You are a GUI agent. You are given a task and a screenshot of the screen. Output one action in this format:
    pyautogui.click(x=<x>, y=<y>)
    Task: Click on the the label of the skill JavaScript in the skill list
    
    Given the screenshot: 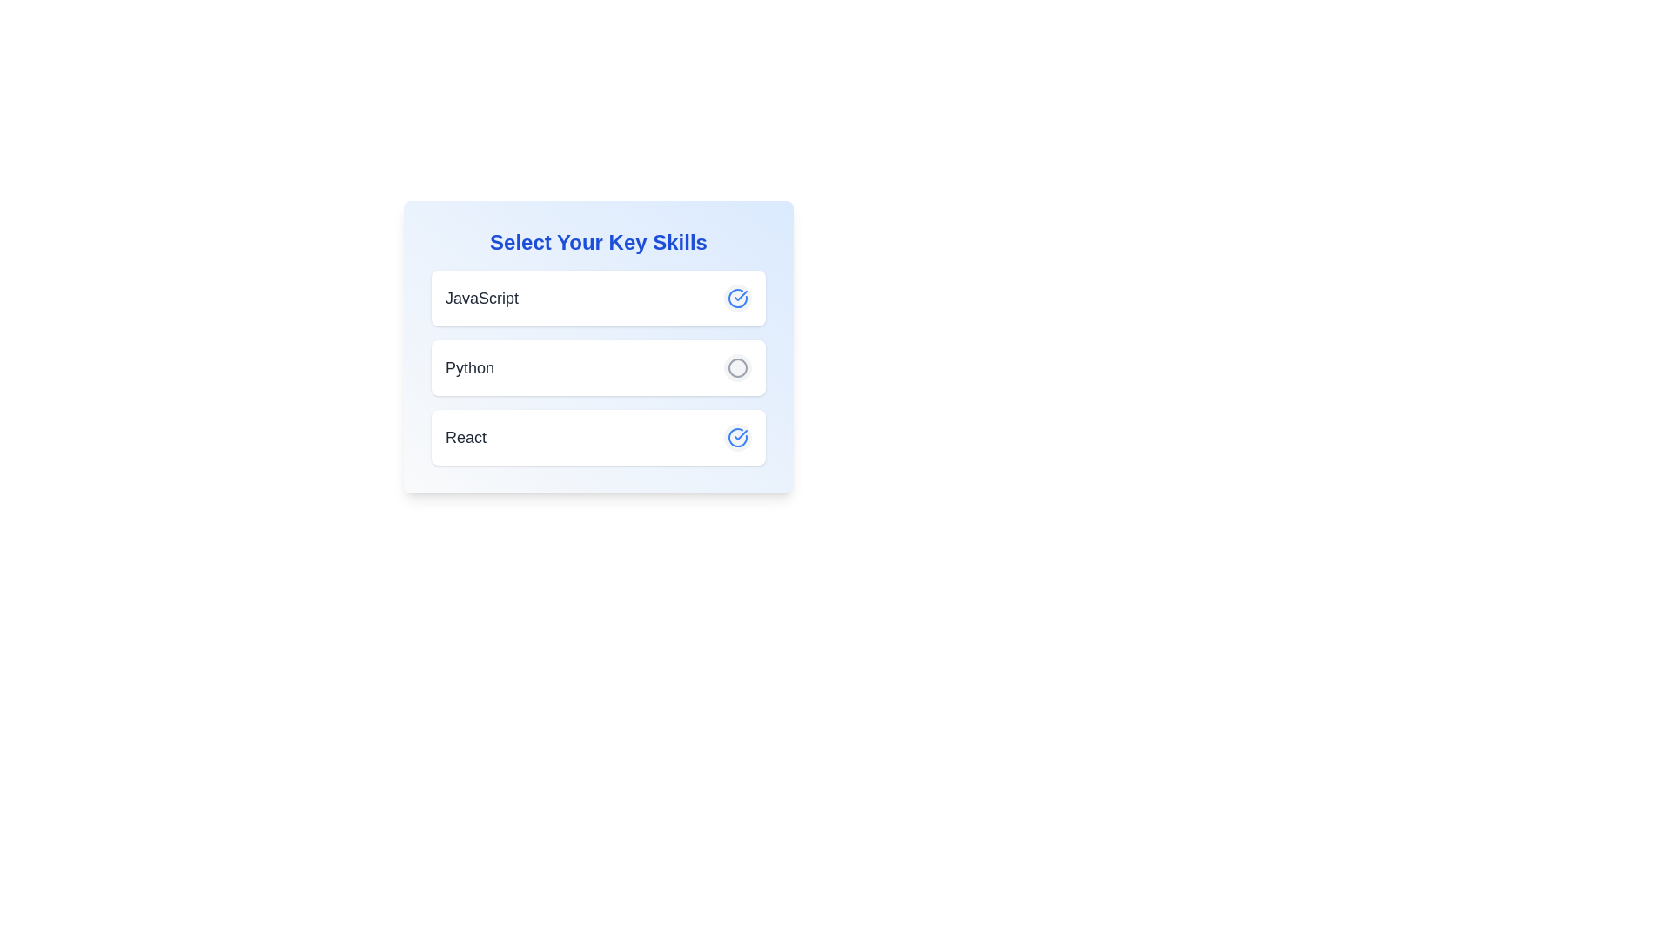 What is the action you would take?
    pyautogui.click(x=481, y=298)
    